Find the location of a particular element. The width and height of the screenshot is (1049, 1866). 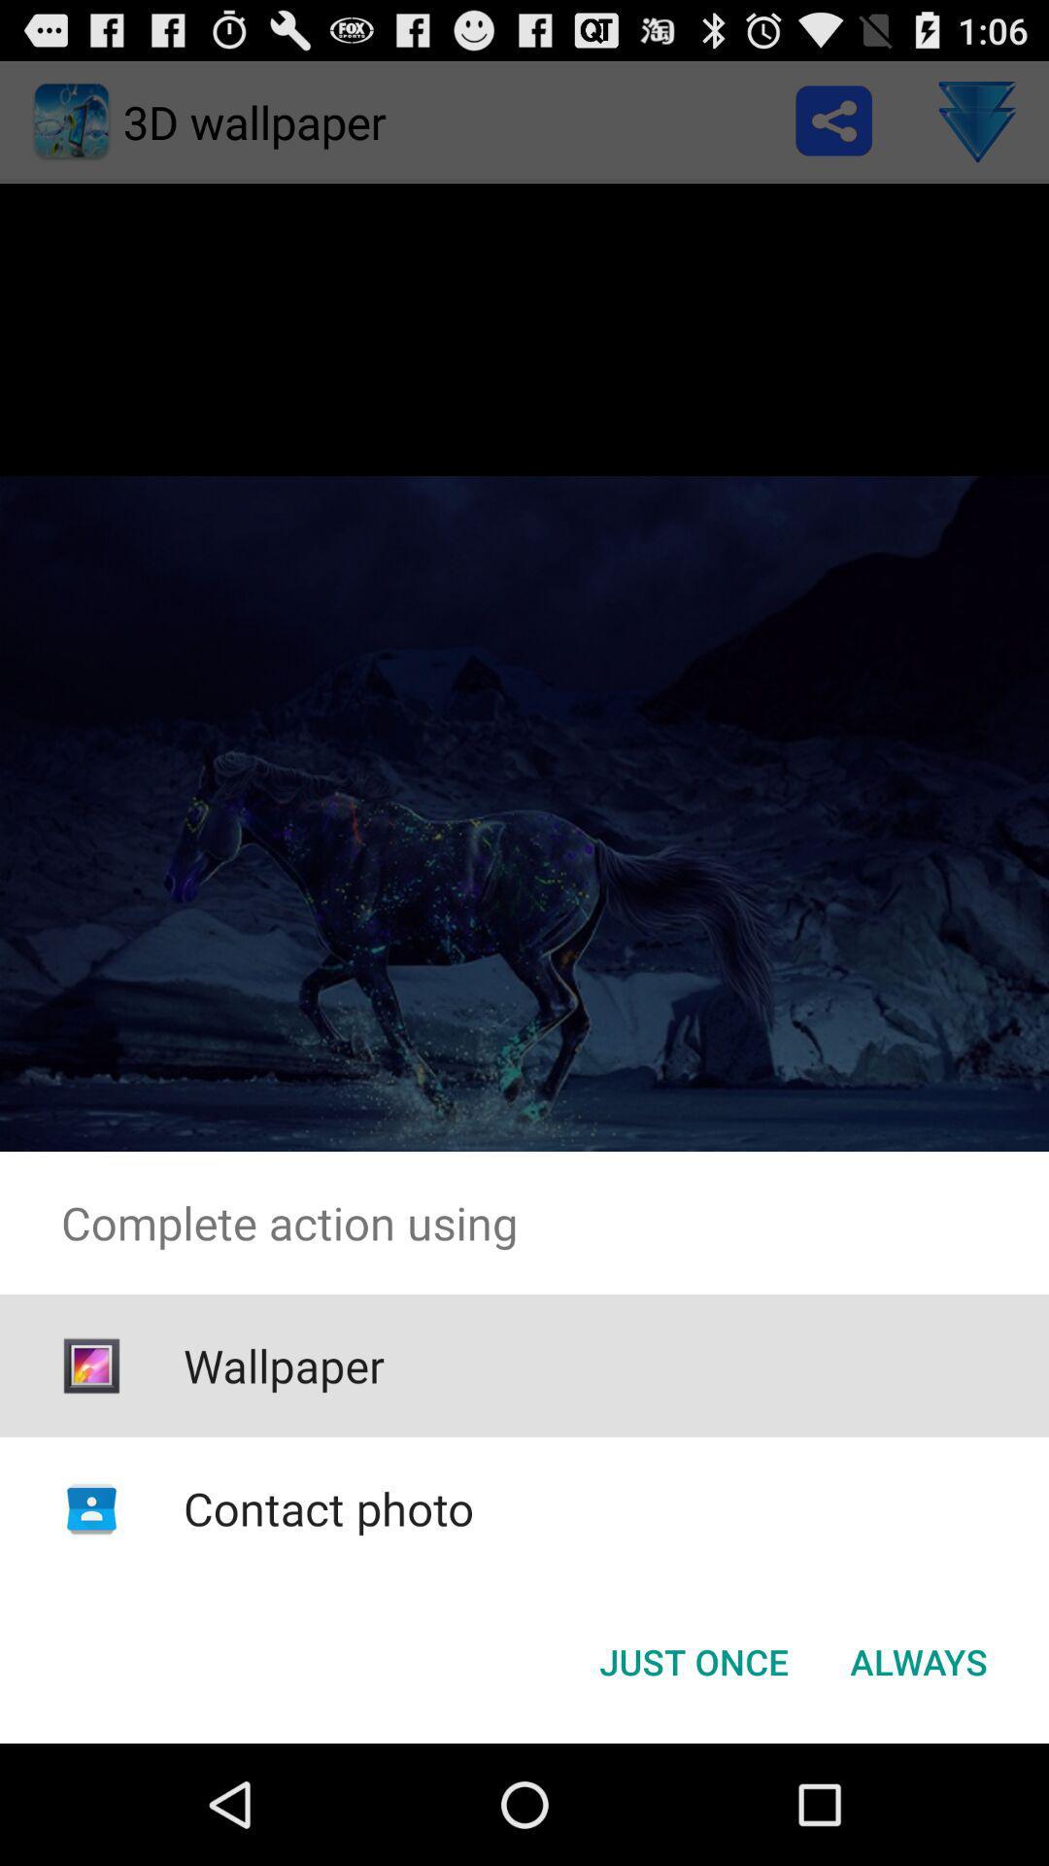

the item below the complete action using icon is located at coordinates (918, 1660).